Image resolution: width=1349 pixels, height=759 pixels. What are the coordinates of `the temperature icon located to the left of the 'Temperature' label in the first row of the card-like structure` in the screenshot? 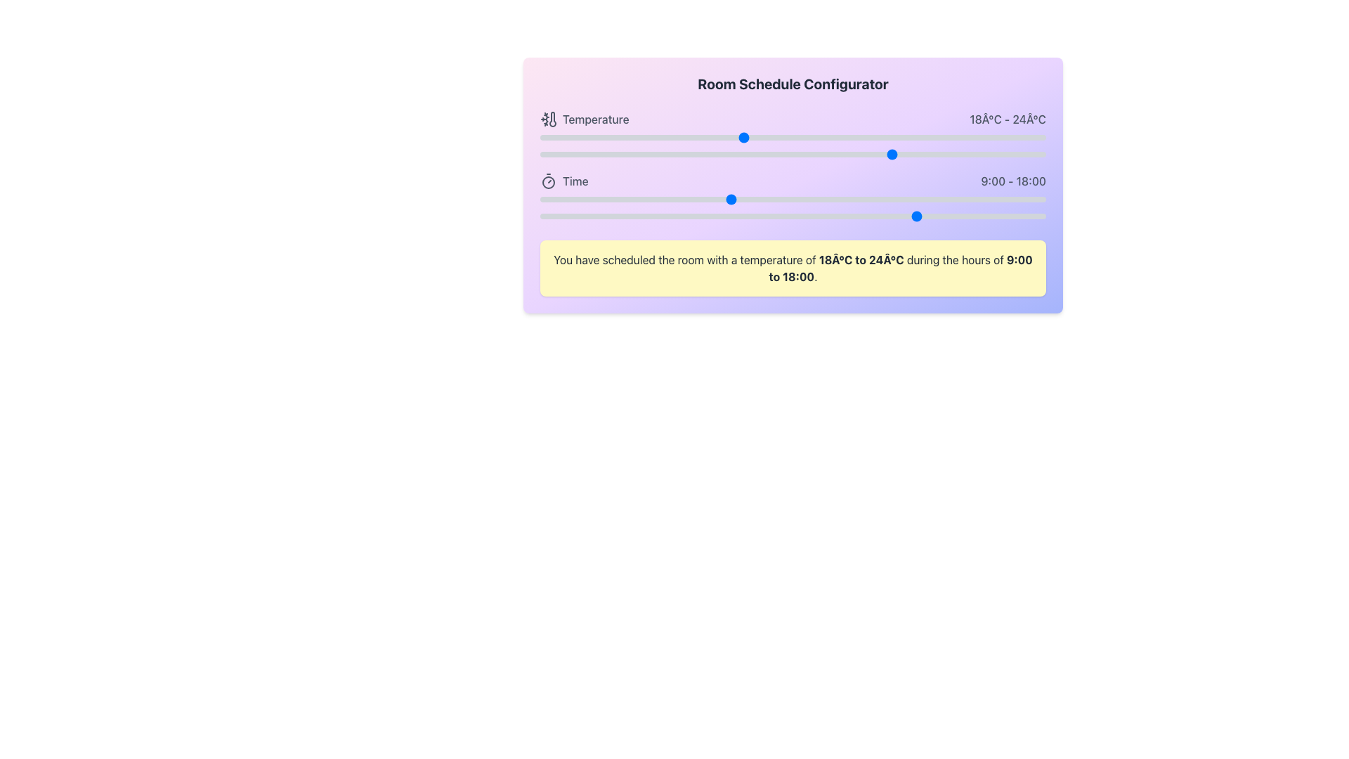 It's located at (552, 118).